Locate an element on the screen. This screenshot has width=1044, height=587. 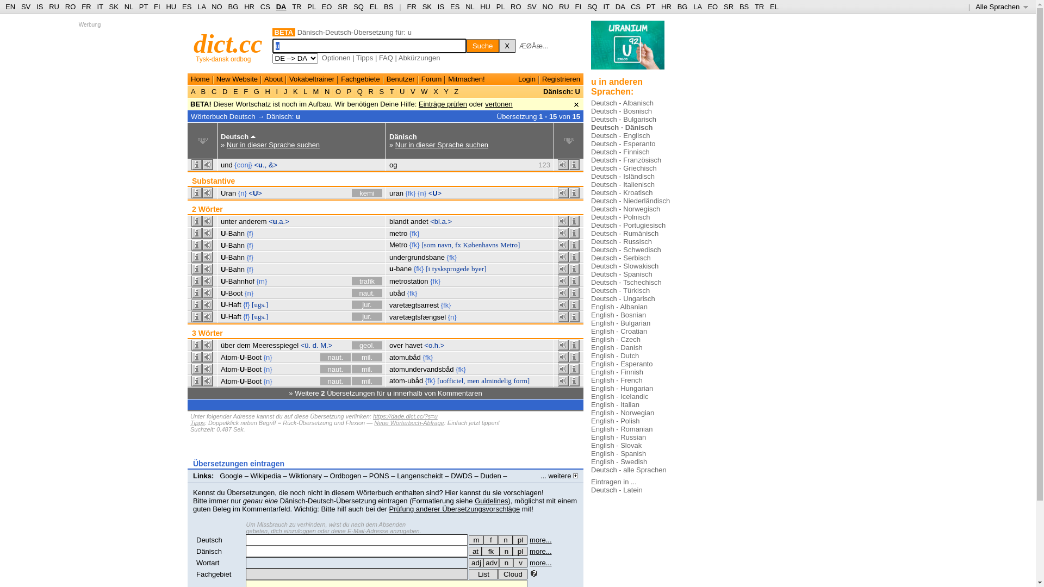
'English - Dutch' is located at coordinates (590, 355).